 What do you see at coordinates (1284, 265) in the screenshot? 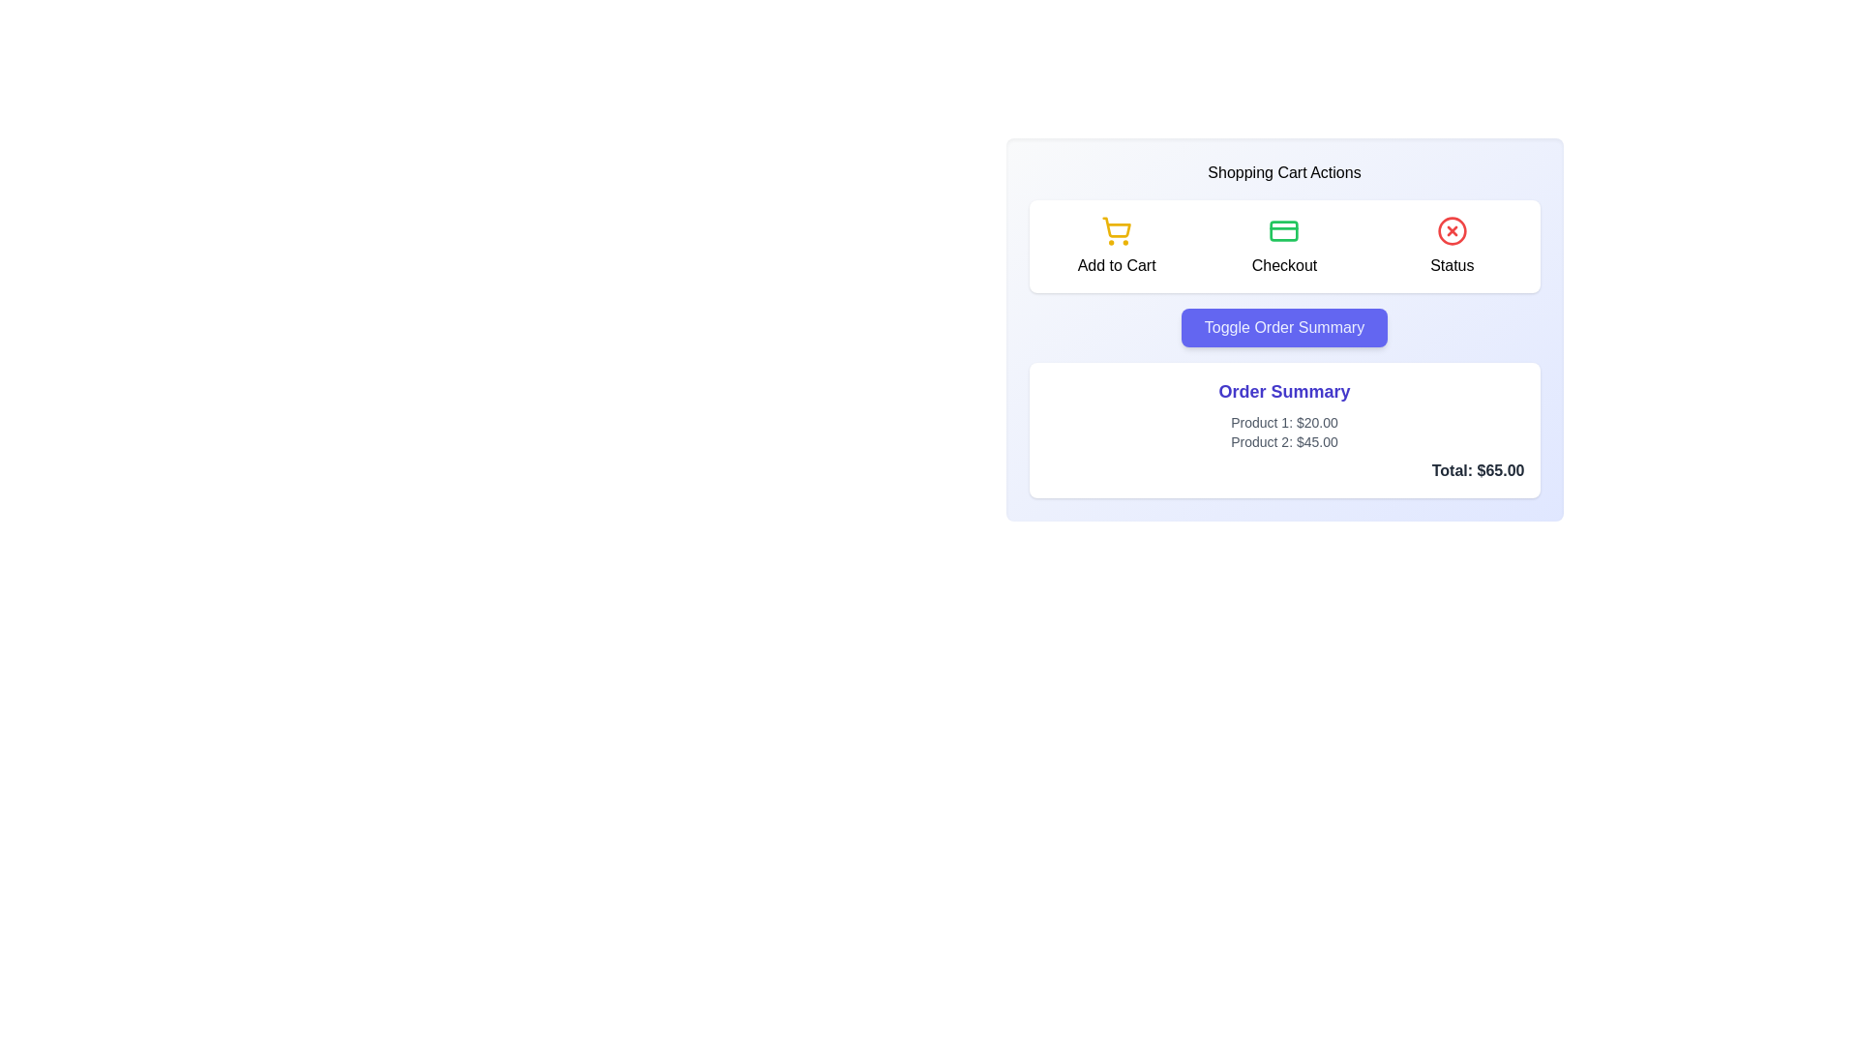
I see `the 'Checkout' text label, which is rendered in black font and located beneath a green credit card icon, to initiate the checkout process` at bounding box center [1284, 265].